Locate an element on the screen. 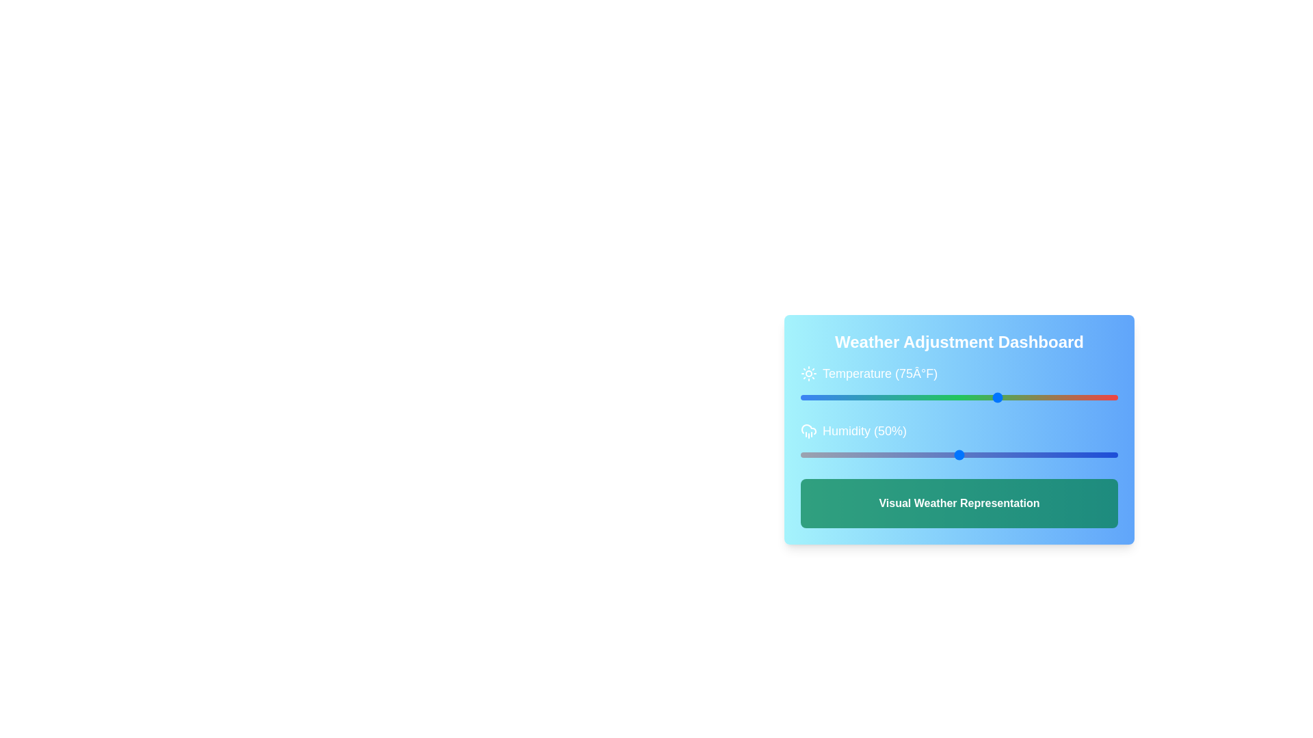 This screenshot has width=1313, height=738. the humidity slider to 24% is located at coordinates (877, 455).